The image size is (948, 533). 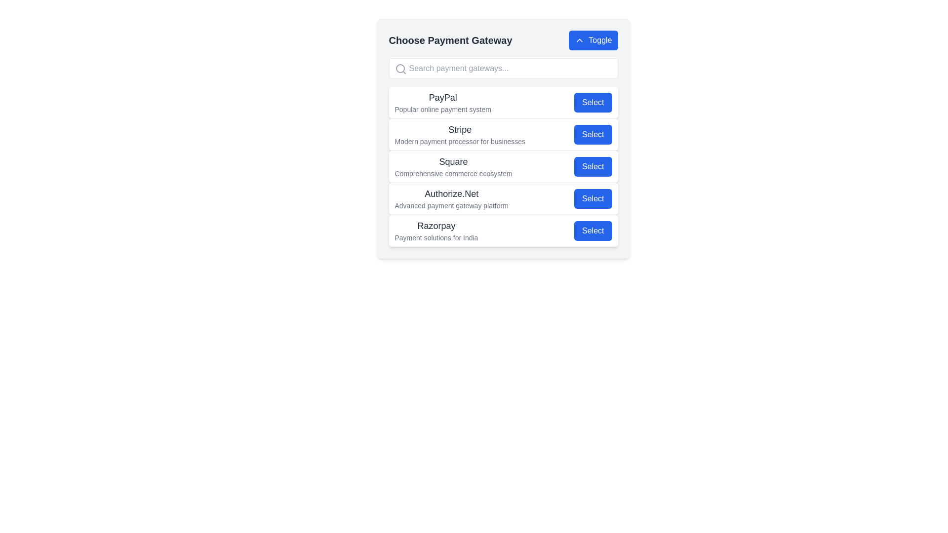 I want to click on the heading text 'Choose Payment Gateway' to focus the header, so click(x=503, y=39).